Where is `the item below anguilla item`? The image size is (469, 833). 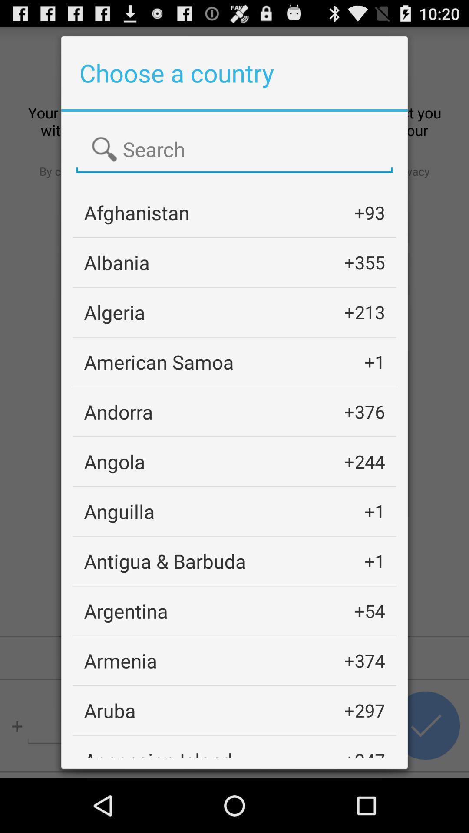
the item below anguilla item is located at coordinates (165, 561).